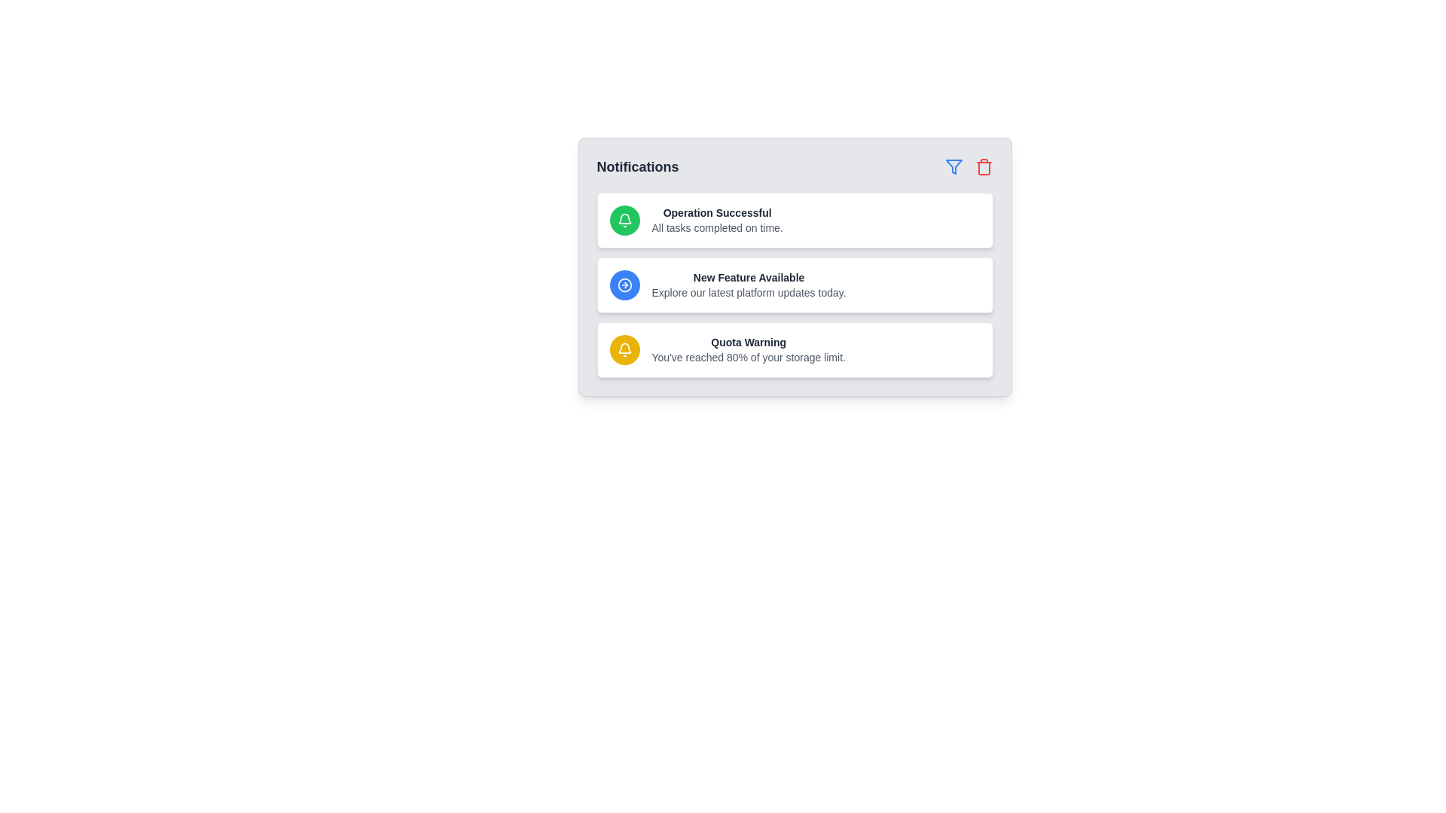 This screenshot has height=813, width=1446. What do you see at coordinates (716, 228) in the screenshot?
I see `the Text Label providing additional detail for the notification titled 'Operation Successful', located directly below the title within the first notification block of the vertically listed notifications panel` at bounding box center [716, 228].